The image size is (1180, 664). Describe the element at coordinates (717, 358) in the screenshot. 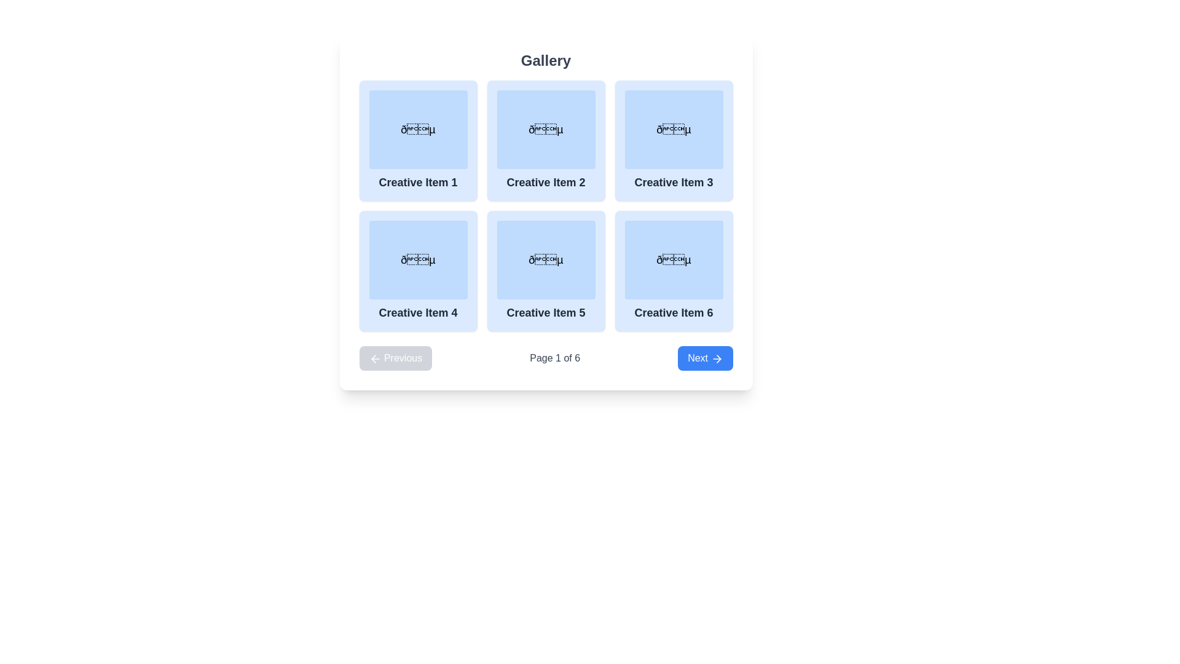

I see `the forward navigation arrow icon located in the bottom-right corner of the 'Next' button` at that location.